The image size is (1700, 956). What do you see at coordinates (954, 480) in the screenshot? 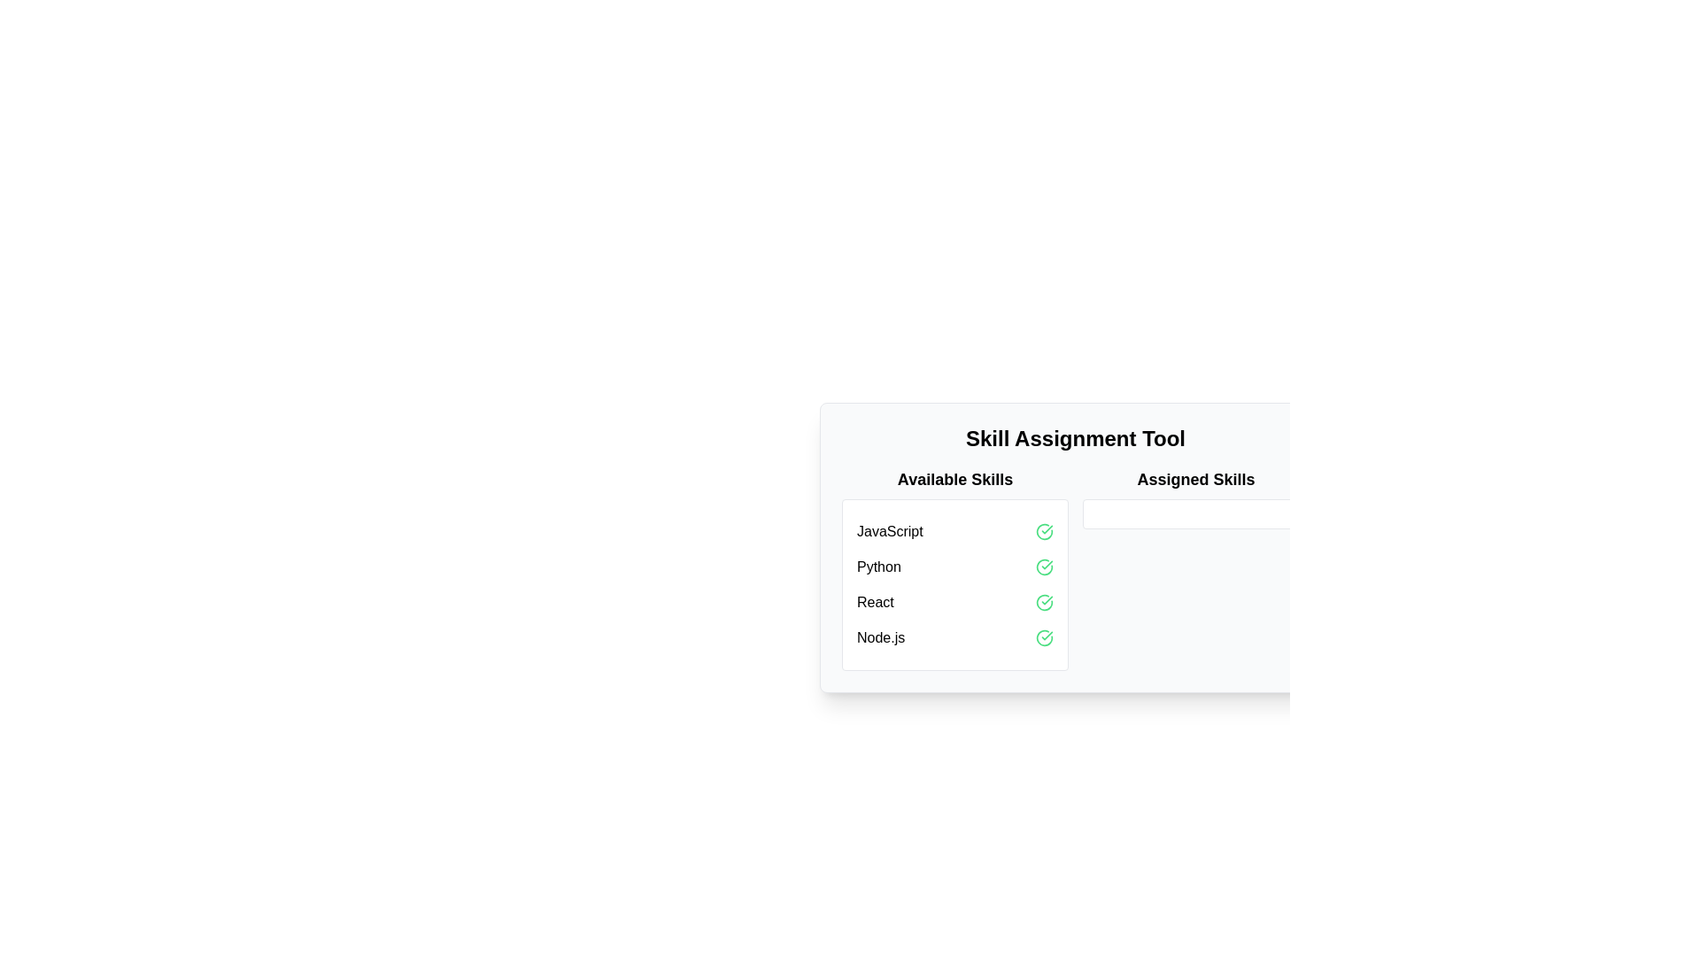
I see `the 'Available Skills' text header located at the top of the left column in the two-column layout` at bounding box center [954, 480].